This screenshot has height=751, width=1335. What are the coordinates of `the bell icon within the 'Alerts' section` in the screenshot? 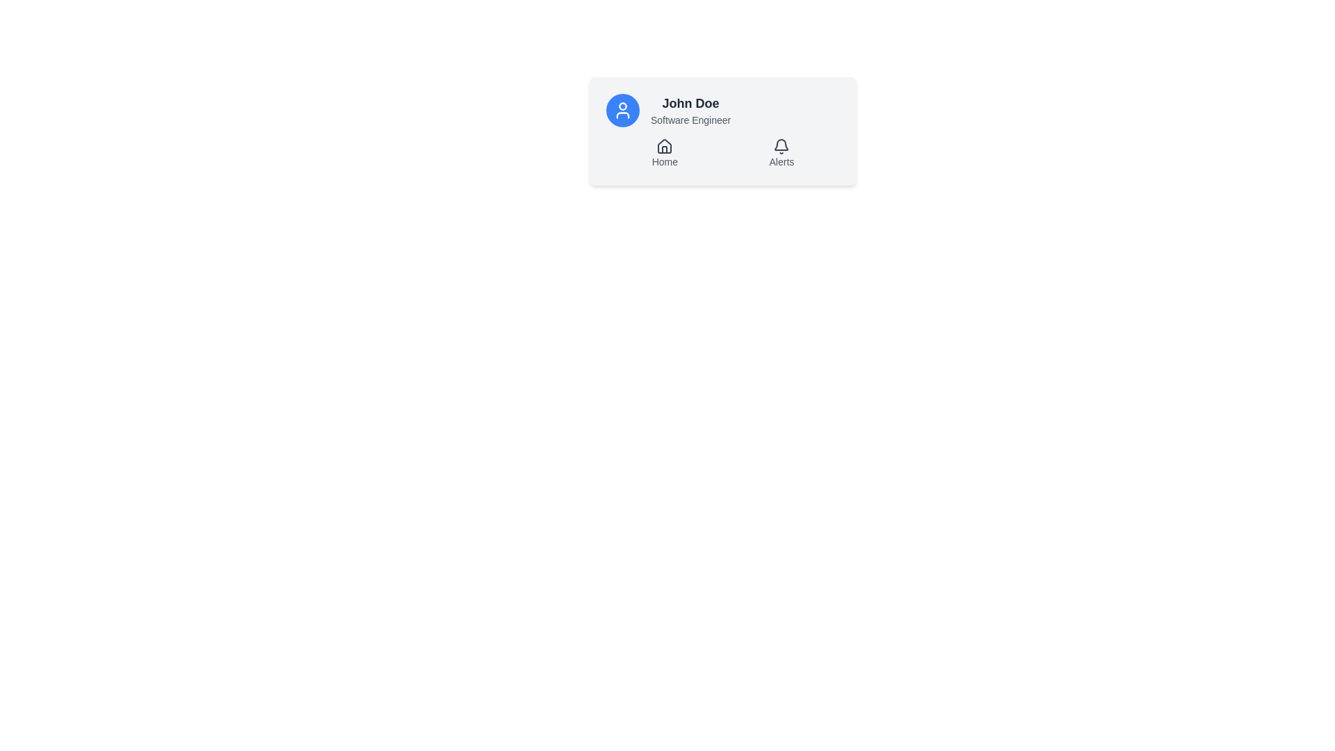 It's located at (781, 145).